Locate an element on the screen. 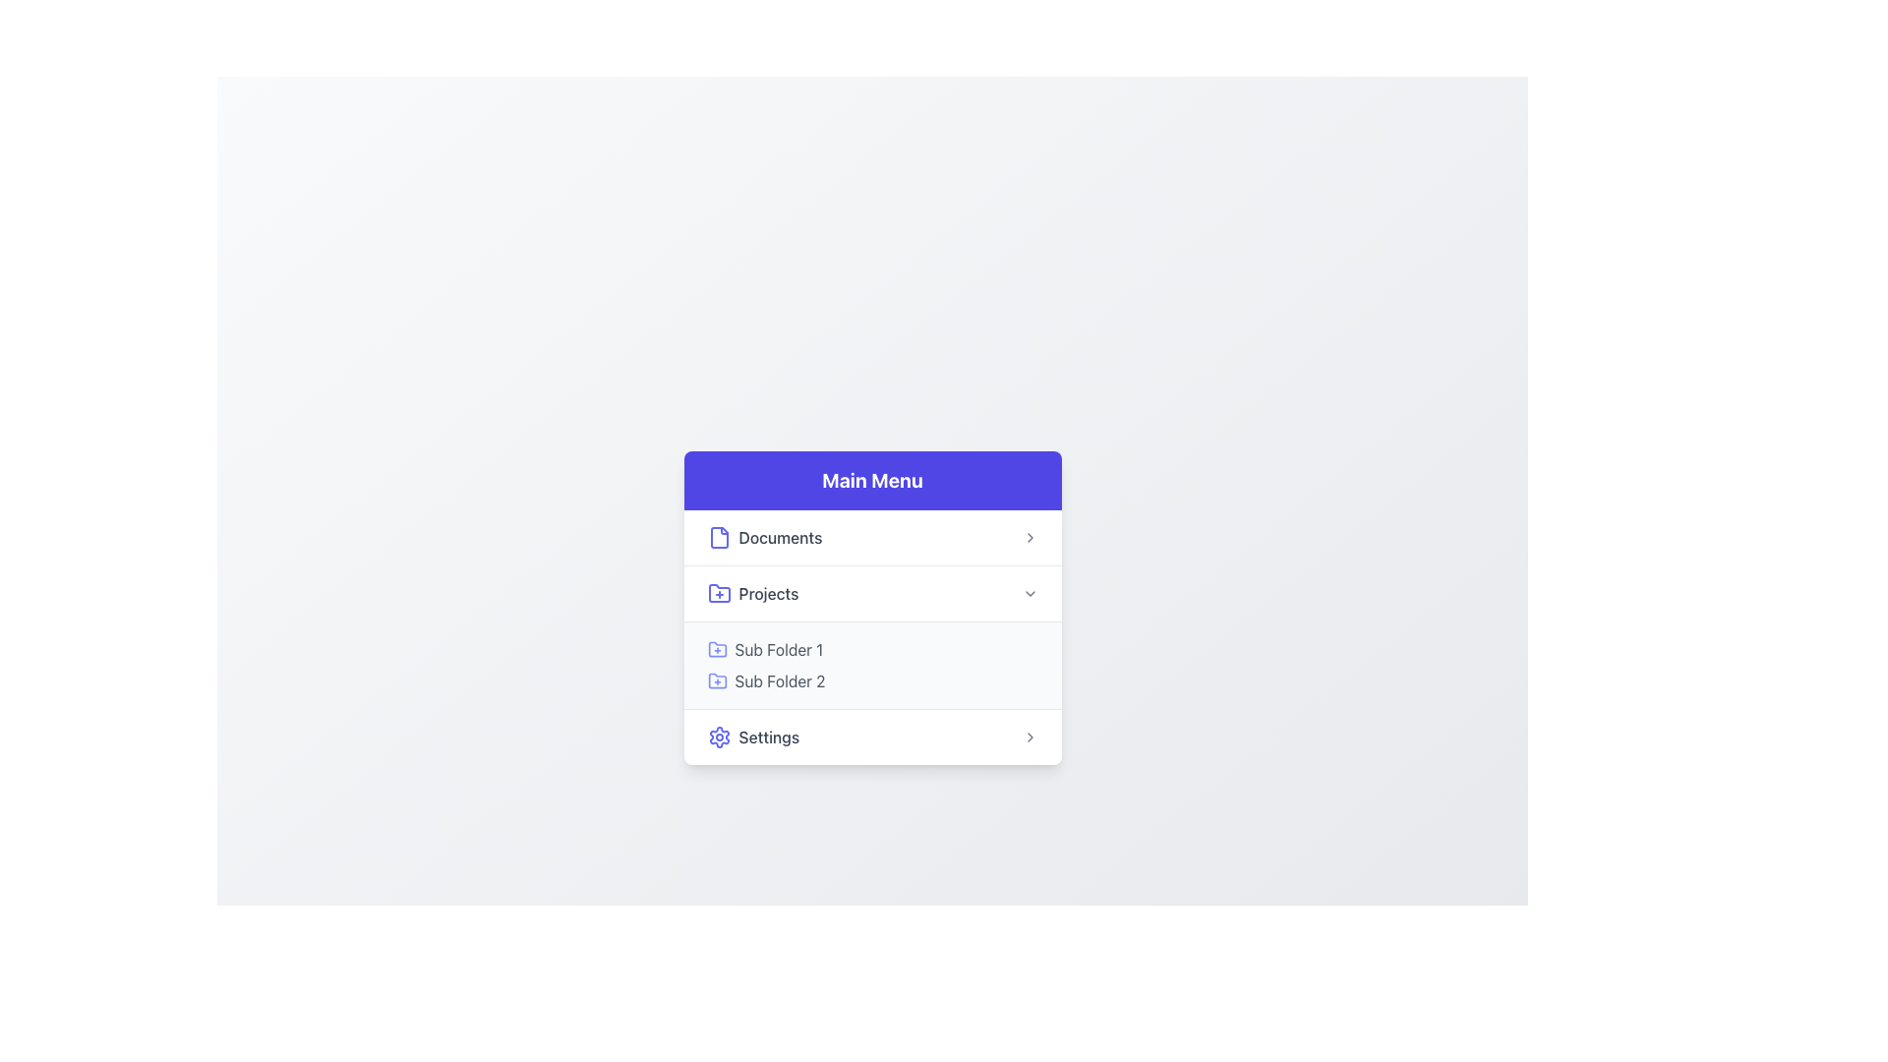 The width and height of the screenshot is (1888, 1062). the folder icon with a plus symbol overlay, which is part of the 'Sub Folder 2' entry in the vertical list is located at coordinates (716, 679).